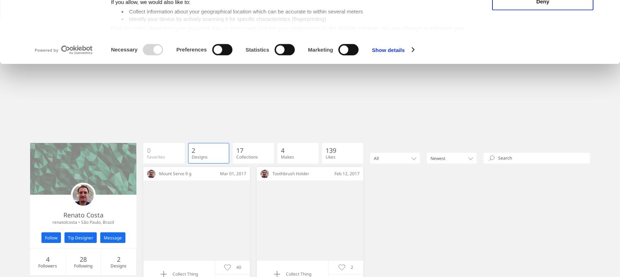 This screenshot has width=620, height=277. I want to click on 'renatolcosta', so click(64, 222).